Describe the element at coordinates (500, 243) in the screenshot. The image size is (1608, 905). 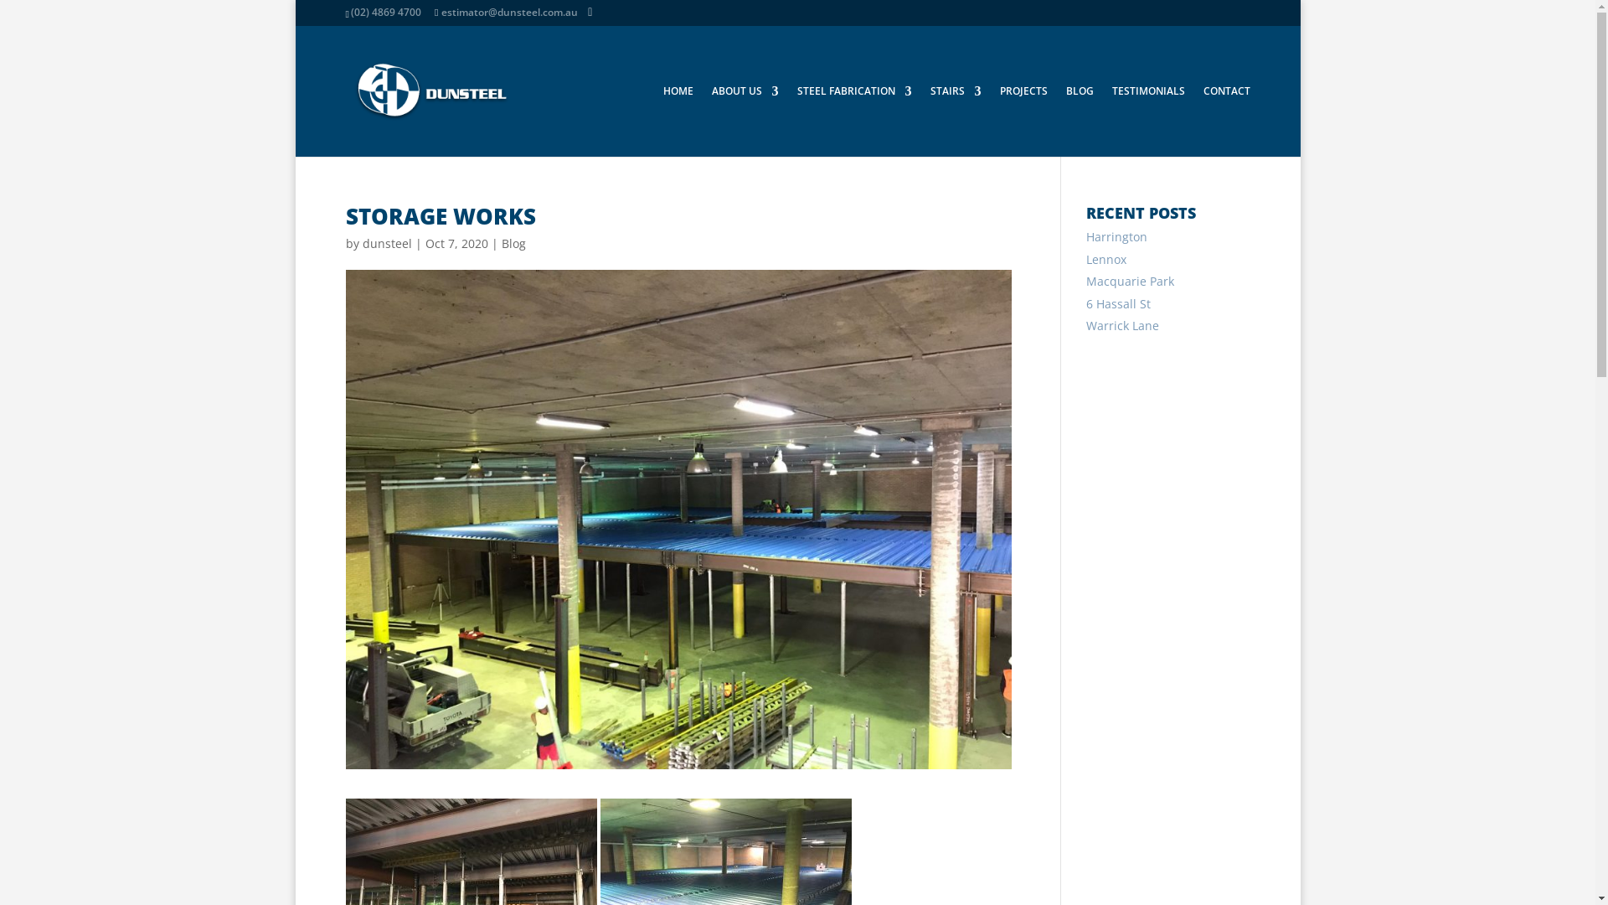
I see `'Blog'` at that location.